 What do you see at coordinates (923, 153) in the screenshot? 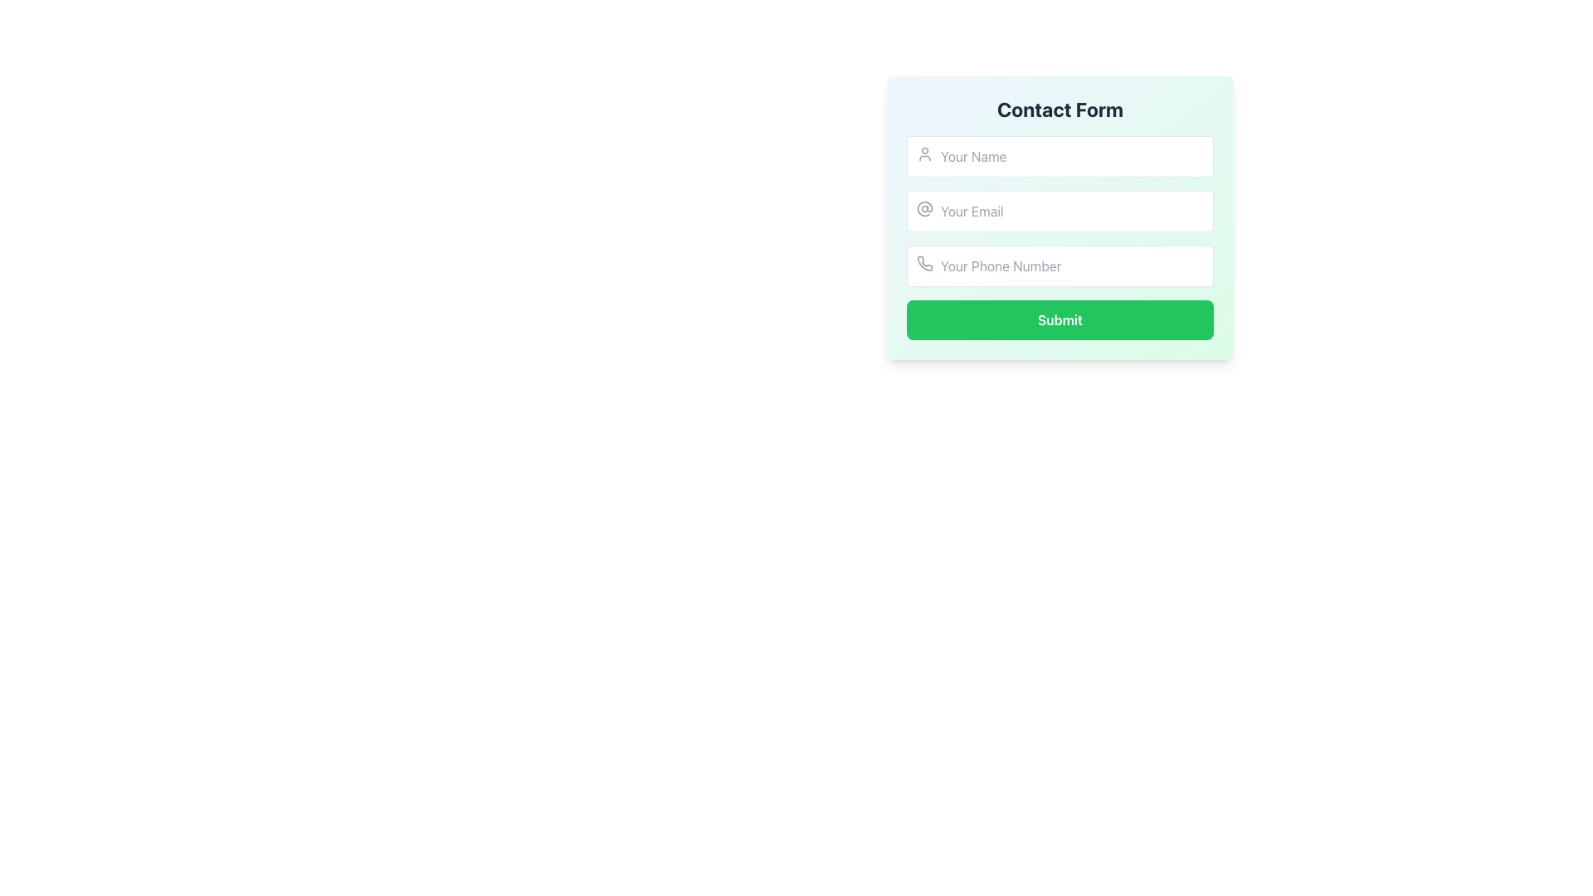
I see `the icon representing the user or name input field, which is positioned in the upper left corner of the 'Your Name' input field in the contact form` at bounding box center [923, 153].